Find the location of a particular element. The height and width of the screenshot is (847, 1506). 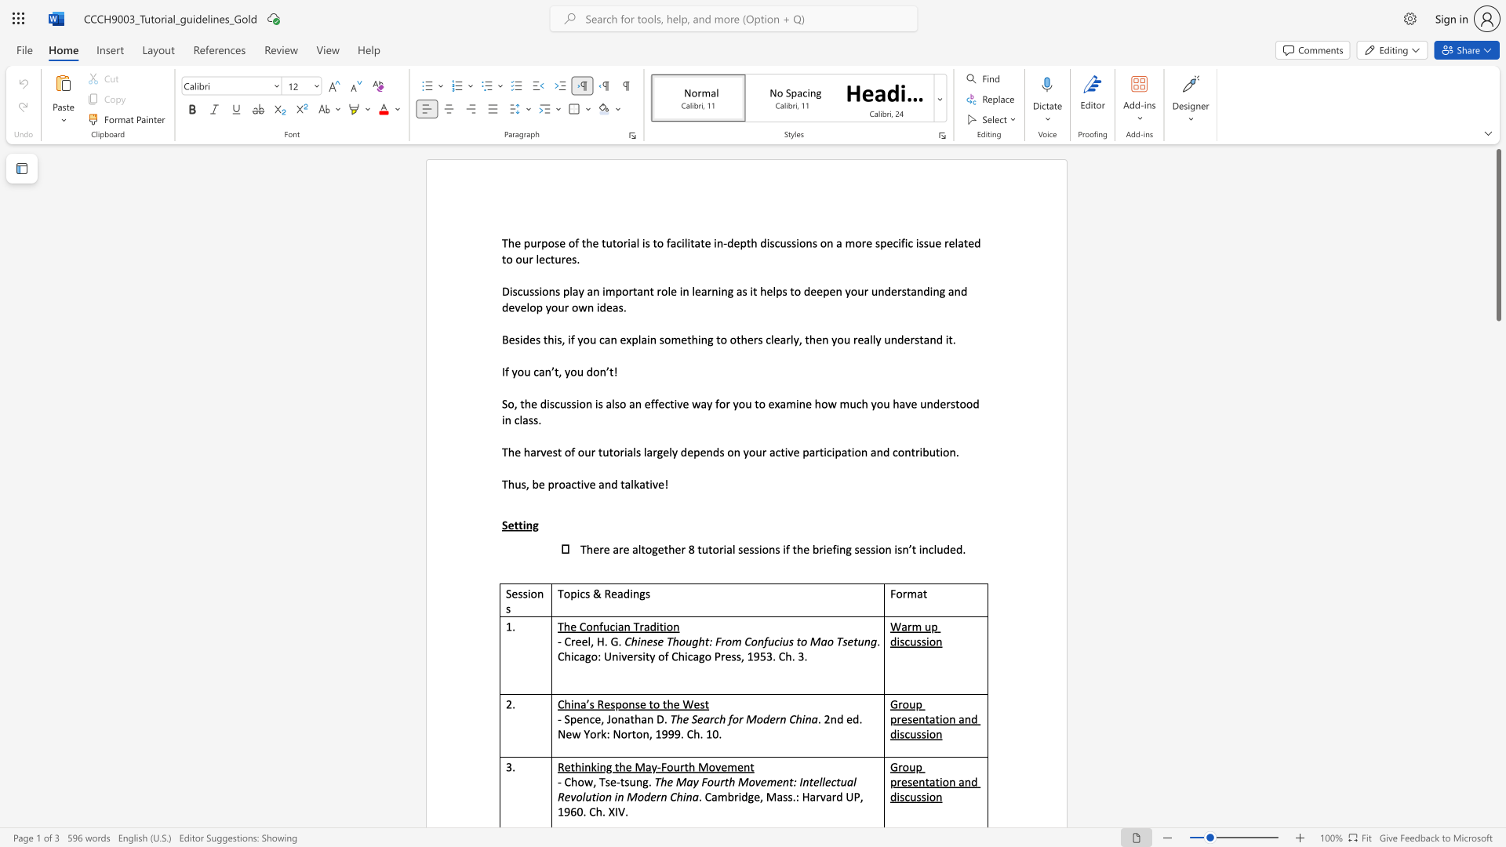

the scrollbar to scroll downward is located at coordinates (1497, 398).